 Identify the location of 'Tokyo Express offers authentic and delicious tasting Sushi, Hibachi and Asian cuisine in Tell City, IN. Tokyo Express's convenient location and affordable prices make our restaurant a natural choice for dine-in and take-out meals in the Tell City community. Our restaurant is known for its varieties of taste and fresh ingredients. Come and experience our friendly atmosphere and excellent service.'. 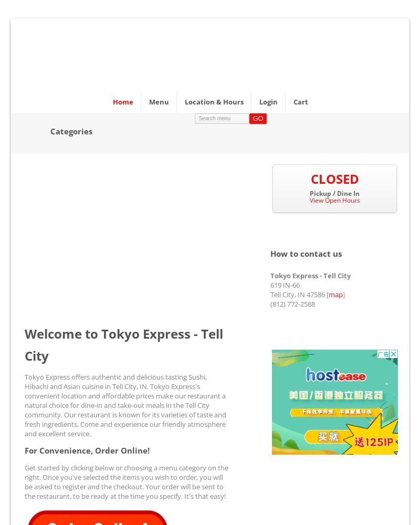
(124, 405).